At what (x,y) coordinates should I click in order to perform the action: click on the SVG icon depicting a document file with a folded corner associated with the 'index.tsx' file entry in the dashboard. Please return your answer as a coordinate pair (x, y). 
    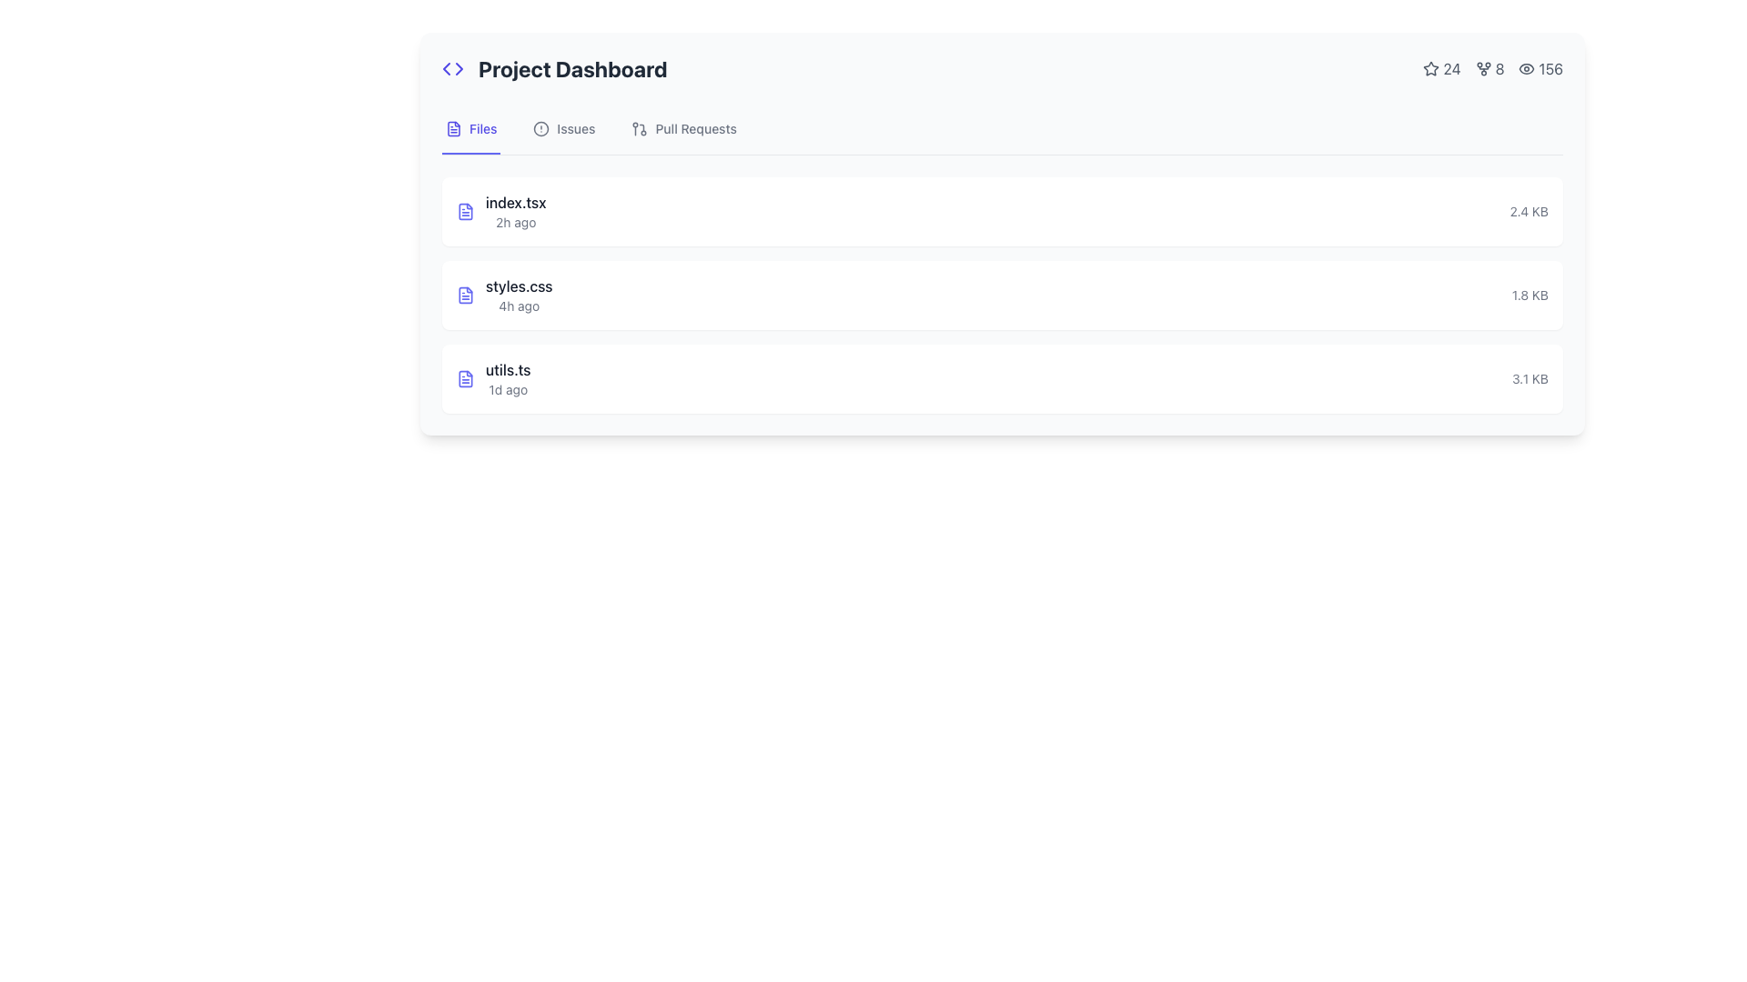
    Looking at the image, I should click on (466, 210).